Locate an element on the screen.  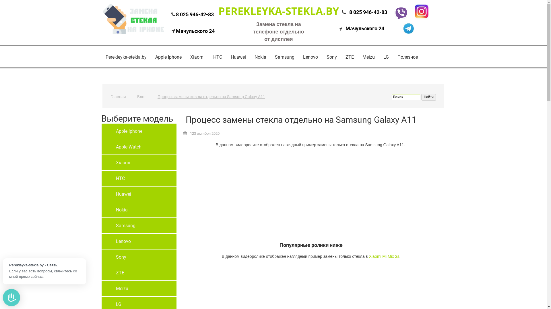
'Lenovo' is located at coordinates (310, 57).